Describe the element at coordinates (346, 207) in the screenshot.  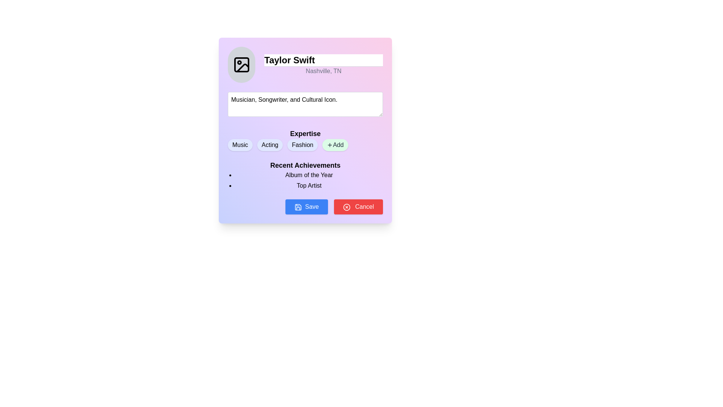
I see `the 'Cancel' button which contains the icon used for negating or closing an action, located to the left of the button's text` at that location.